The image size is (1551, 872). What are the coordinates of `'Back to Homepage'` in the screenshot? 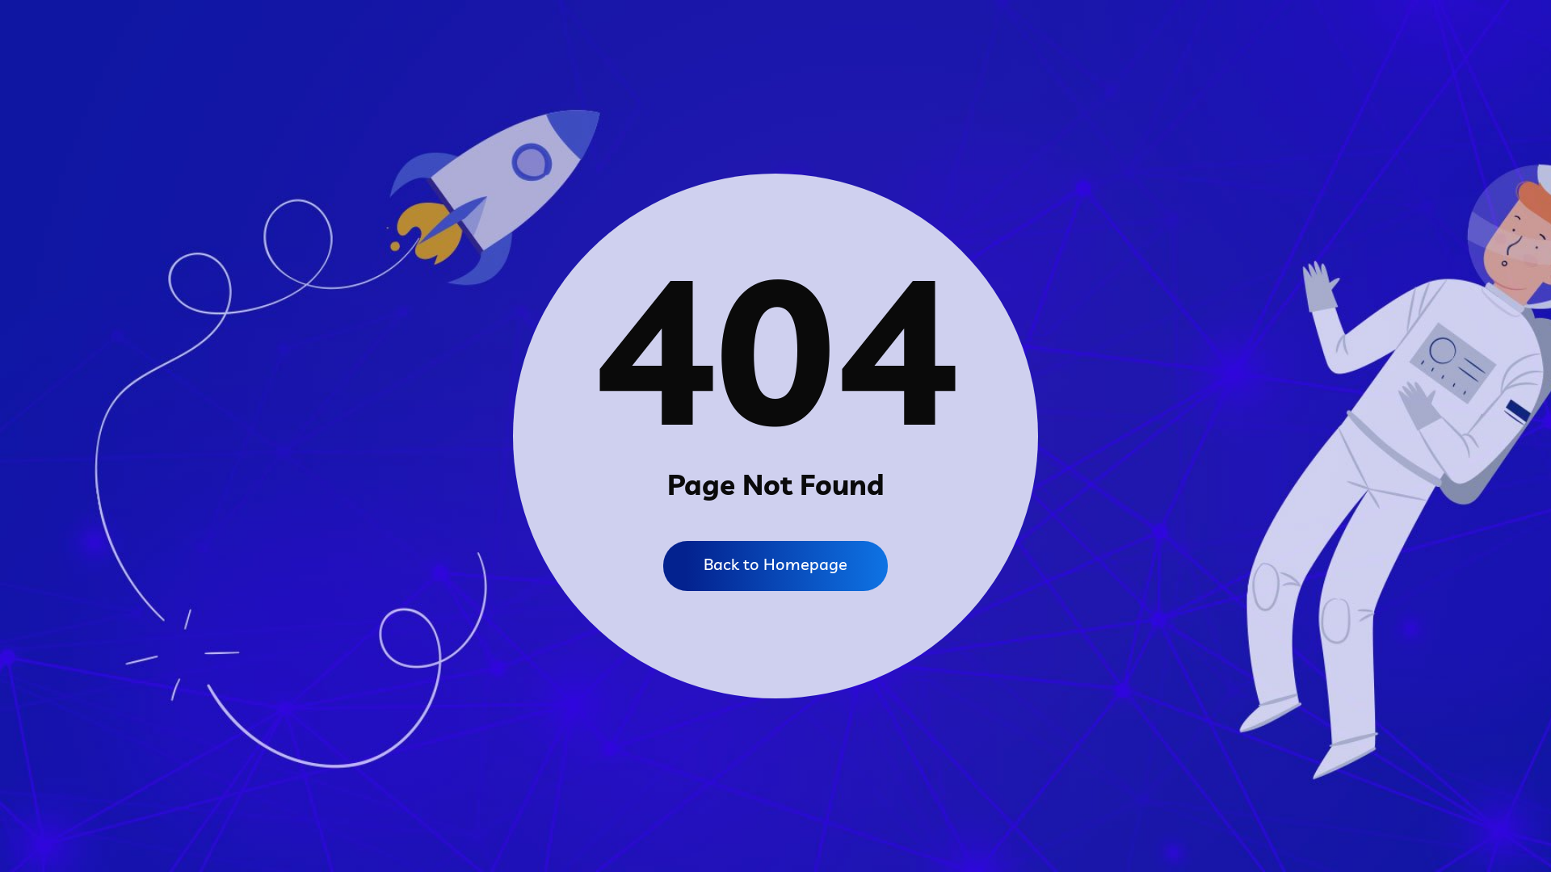 It's located at (775, 565).